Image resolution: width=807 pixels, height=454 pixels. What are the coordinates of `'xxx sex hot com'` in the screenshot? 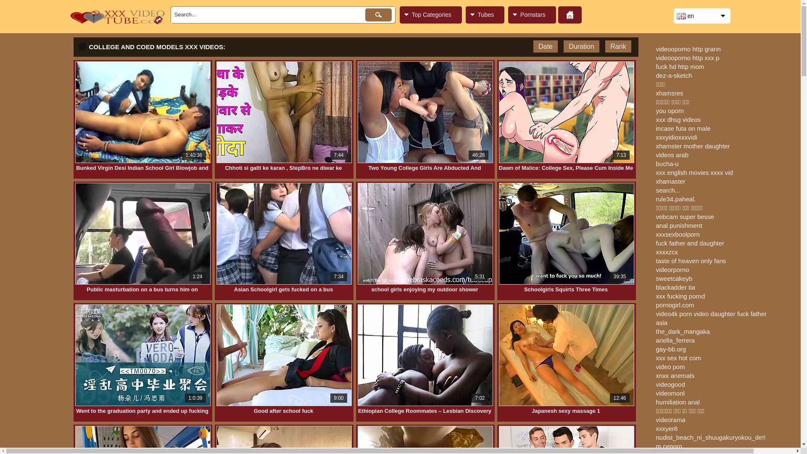 It's located at (678, 358).